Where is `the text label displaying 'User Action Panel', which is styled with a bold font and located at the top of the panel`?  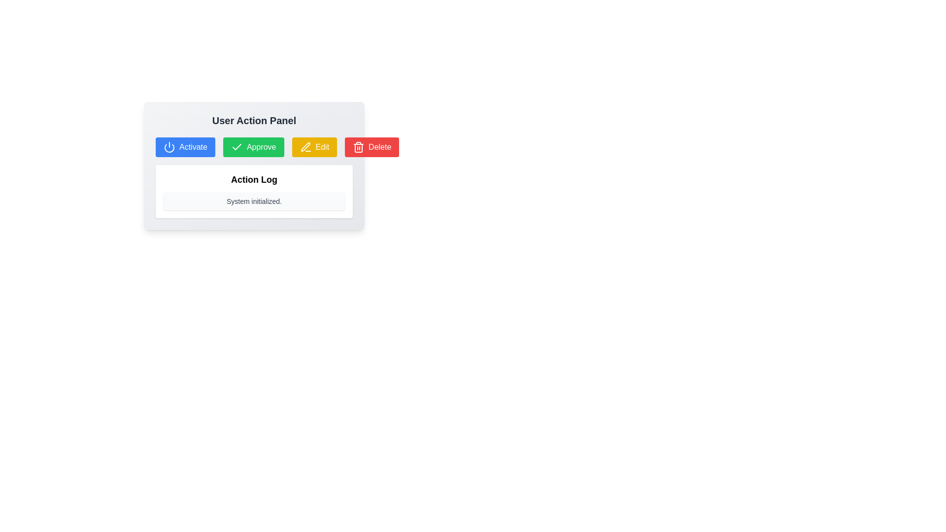
the text label displaying 'User Action Panel', which is styled with a bold font and located at the top of the panel is located at coordinates (254, 120).